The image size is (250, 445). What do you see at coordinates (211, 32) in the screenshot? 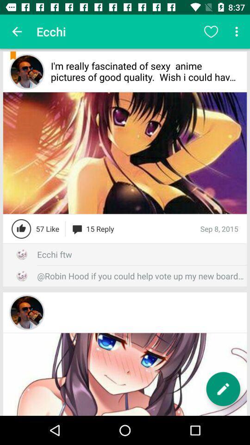
I see `icon to the right of ecchi  item` at bounding box center [211, 32].